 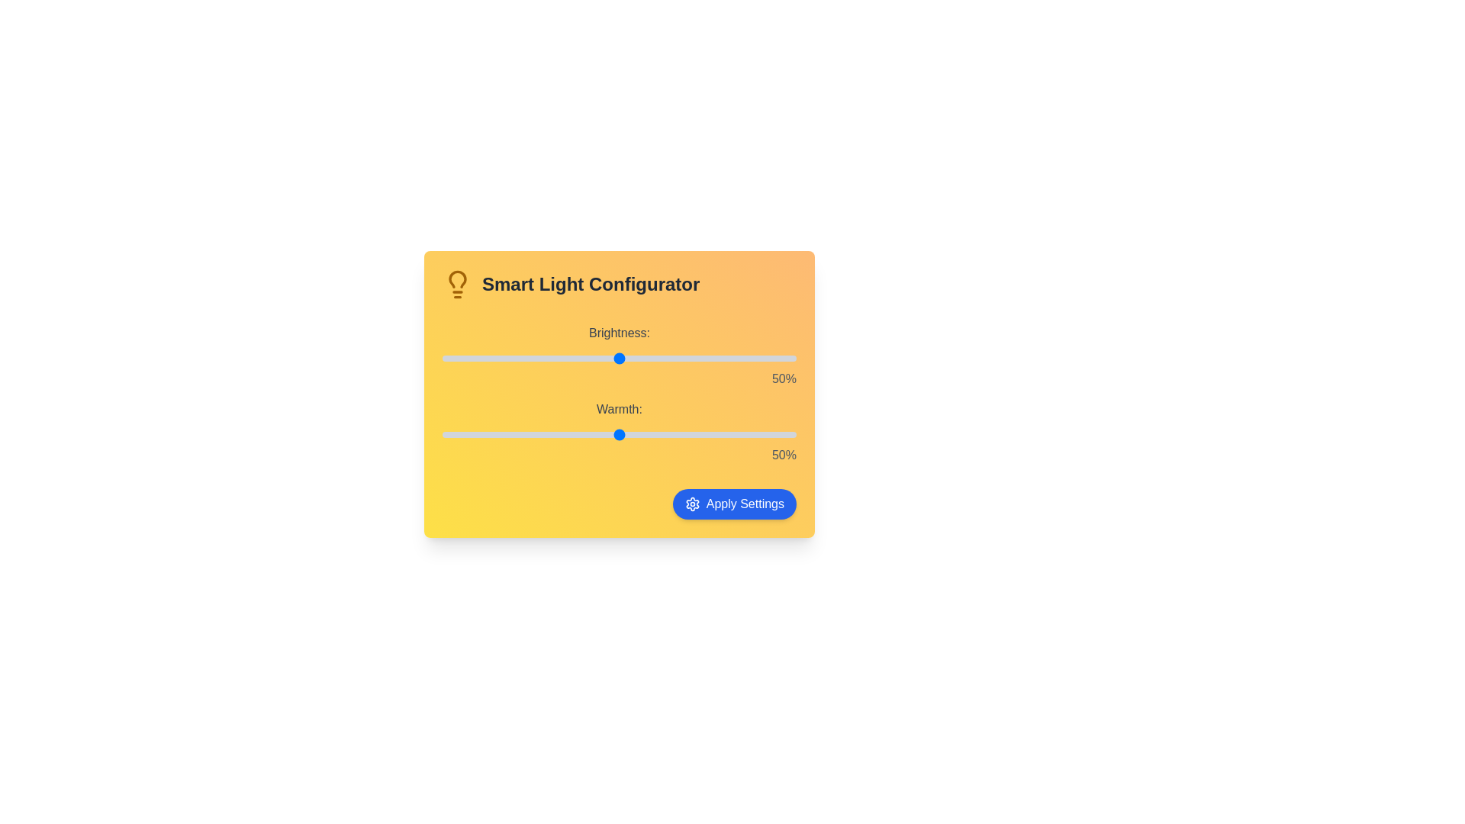 I want to click on the slider, so click(x=559, y=435).